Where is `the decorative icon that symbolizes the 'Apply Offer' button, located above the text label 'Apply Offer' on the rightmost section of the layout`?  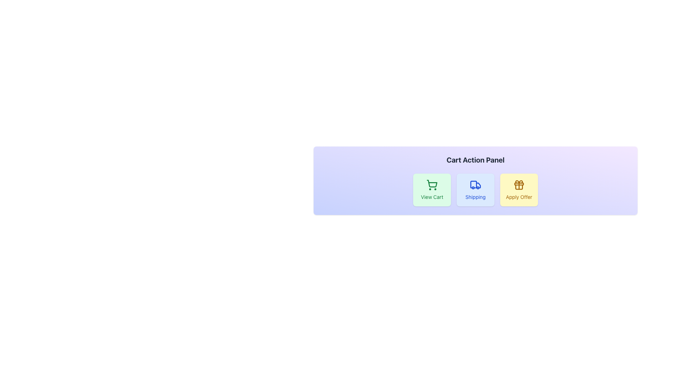 the decorative icon that symbolizes the 'Apply Offer' button, located above the text label 'Apply Offer' on the rightmost section of the layout is located at coordinates (519, 185).